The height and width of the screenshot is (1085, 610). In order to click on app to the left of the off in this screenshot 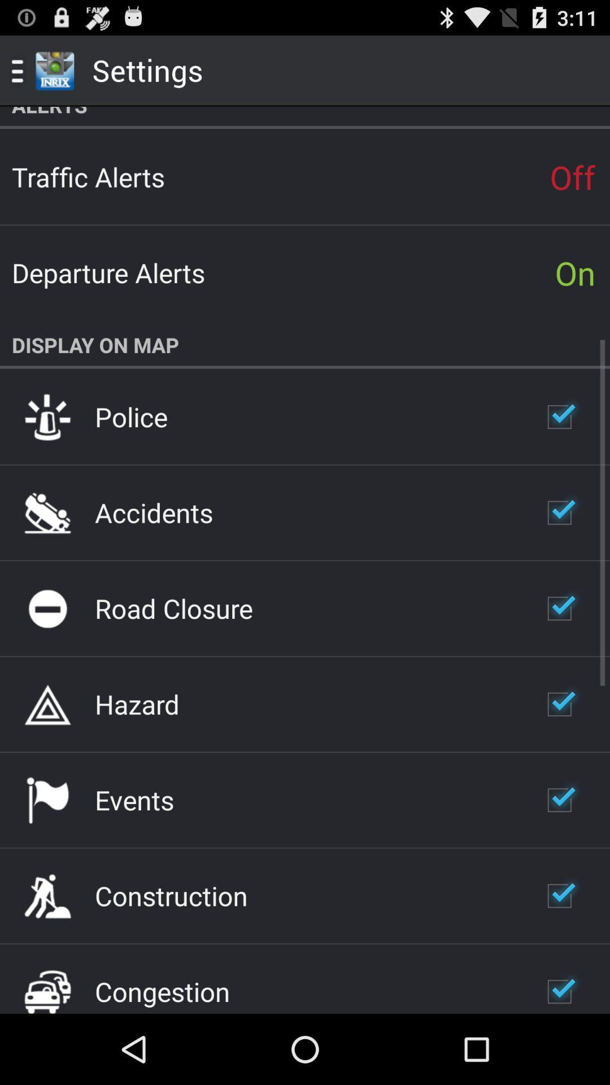, I will do `click(88, 176)`.